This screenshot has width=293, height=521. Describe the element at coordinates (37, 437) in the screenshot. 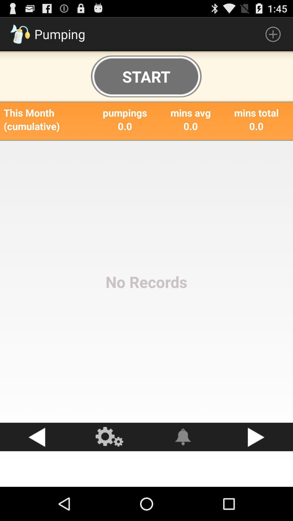

I see `the icon at the bottom left corner` at that location.